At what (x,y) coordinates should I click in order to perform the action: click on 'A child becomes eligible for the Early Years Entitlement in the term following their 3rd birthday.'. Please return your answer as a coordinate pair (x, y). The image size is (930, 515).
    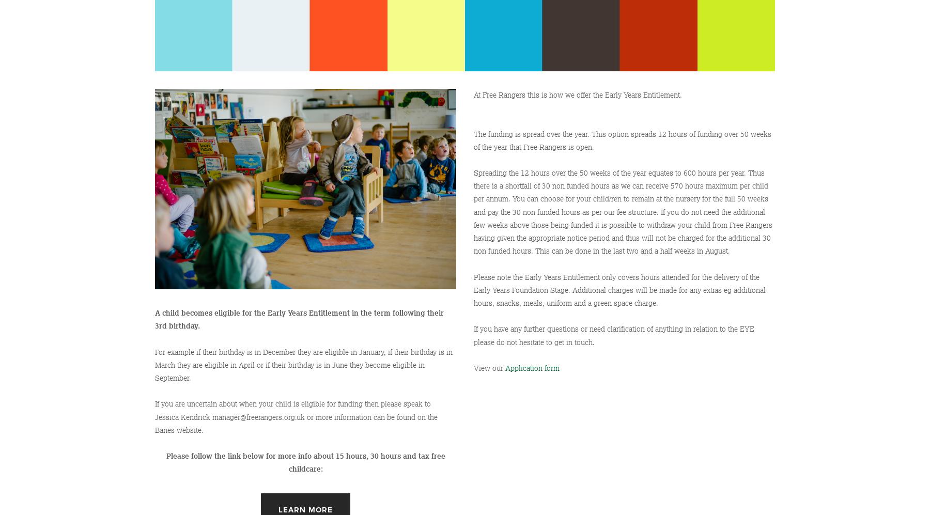
    Looking at the image, I should click on (300, 319).